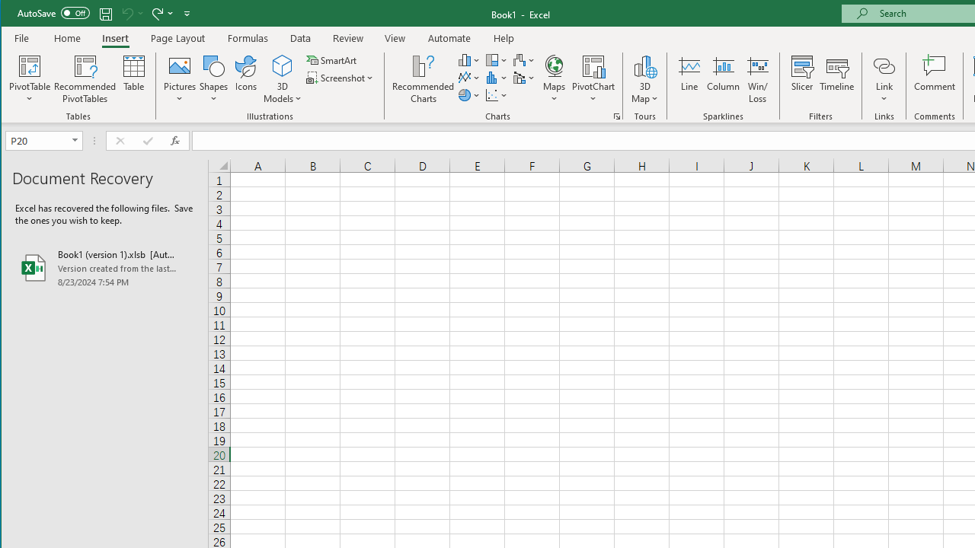 Image resolution: width=975 pixels, height=548 pixels. I want to click on 'Pictures', so click(180, 79).